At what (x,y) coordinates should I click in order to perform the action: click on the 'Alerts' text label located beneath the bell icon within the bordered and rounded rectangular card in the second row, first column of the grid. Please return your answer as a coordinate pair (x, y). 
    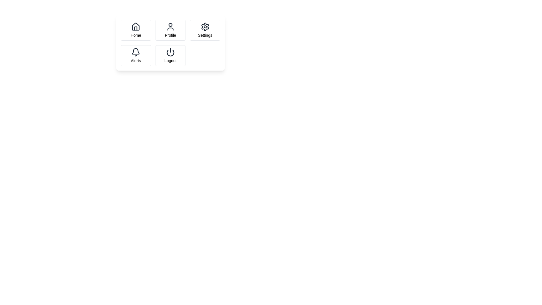
    Looking at the image, I should click on (136, 61).